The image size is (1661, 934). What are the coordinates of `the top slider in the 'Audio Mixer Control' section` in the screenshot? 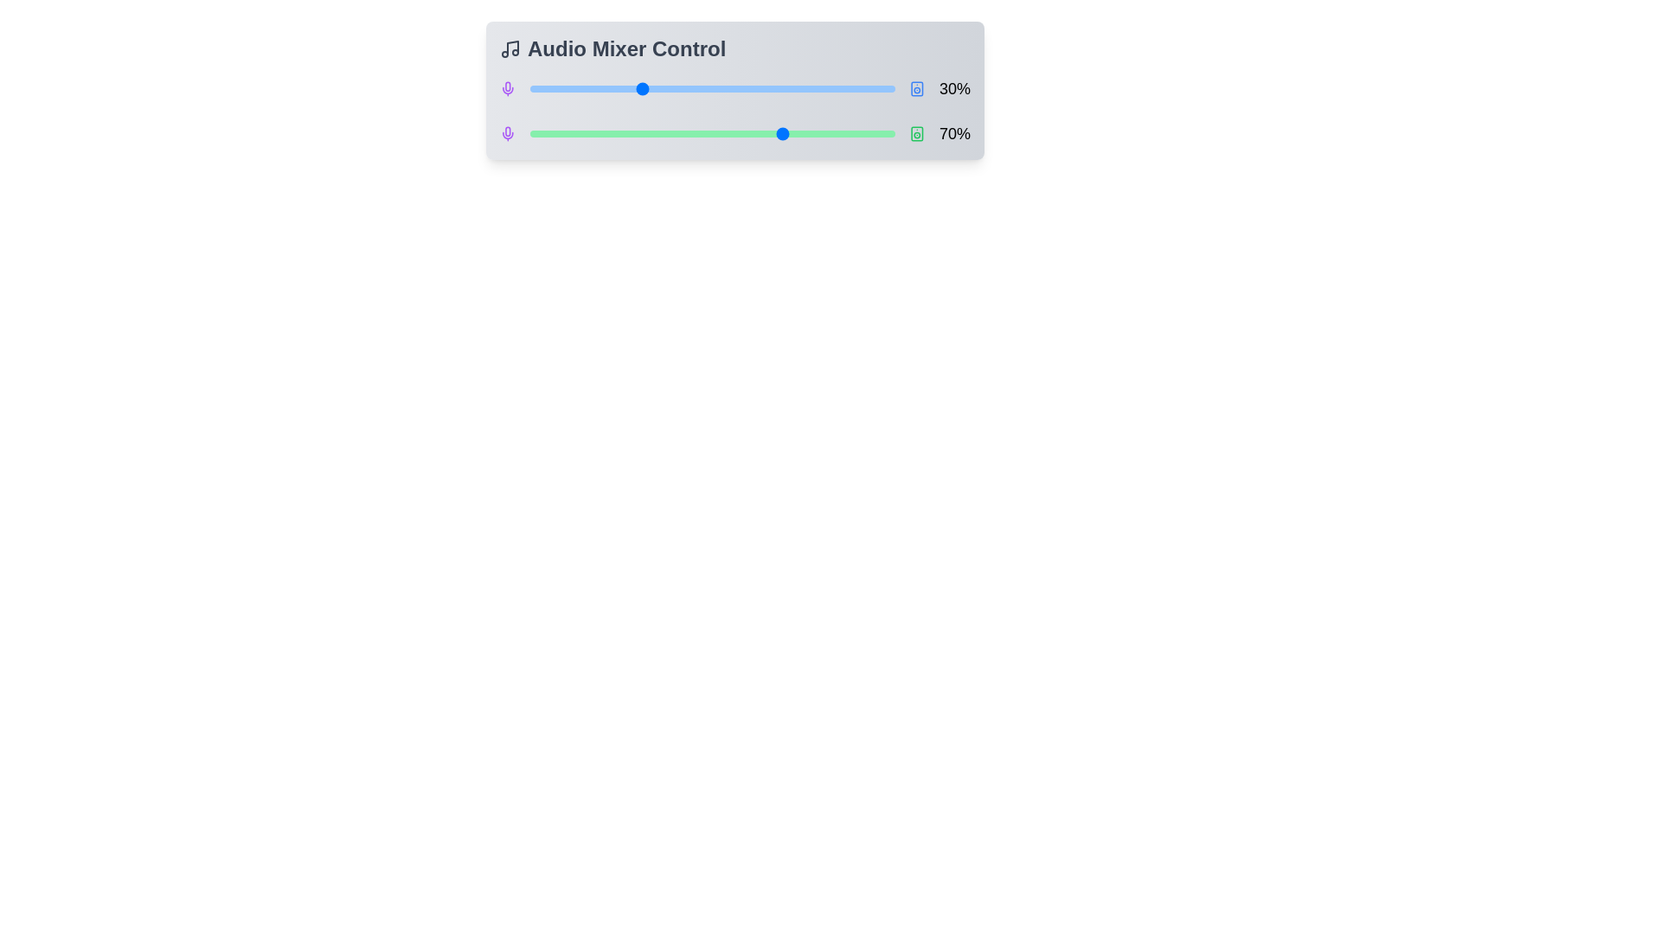 It's located at (734, 89).